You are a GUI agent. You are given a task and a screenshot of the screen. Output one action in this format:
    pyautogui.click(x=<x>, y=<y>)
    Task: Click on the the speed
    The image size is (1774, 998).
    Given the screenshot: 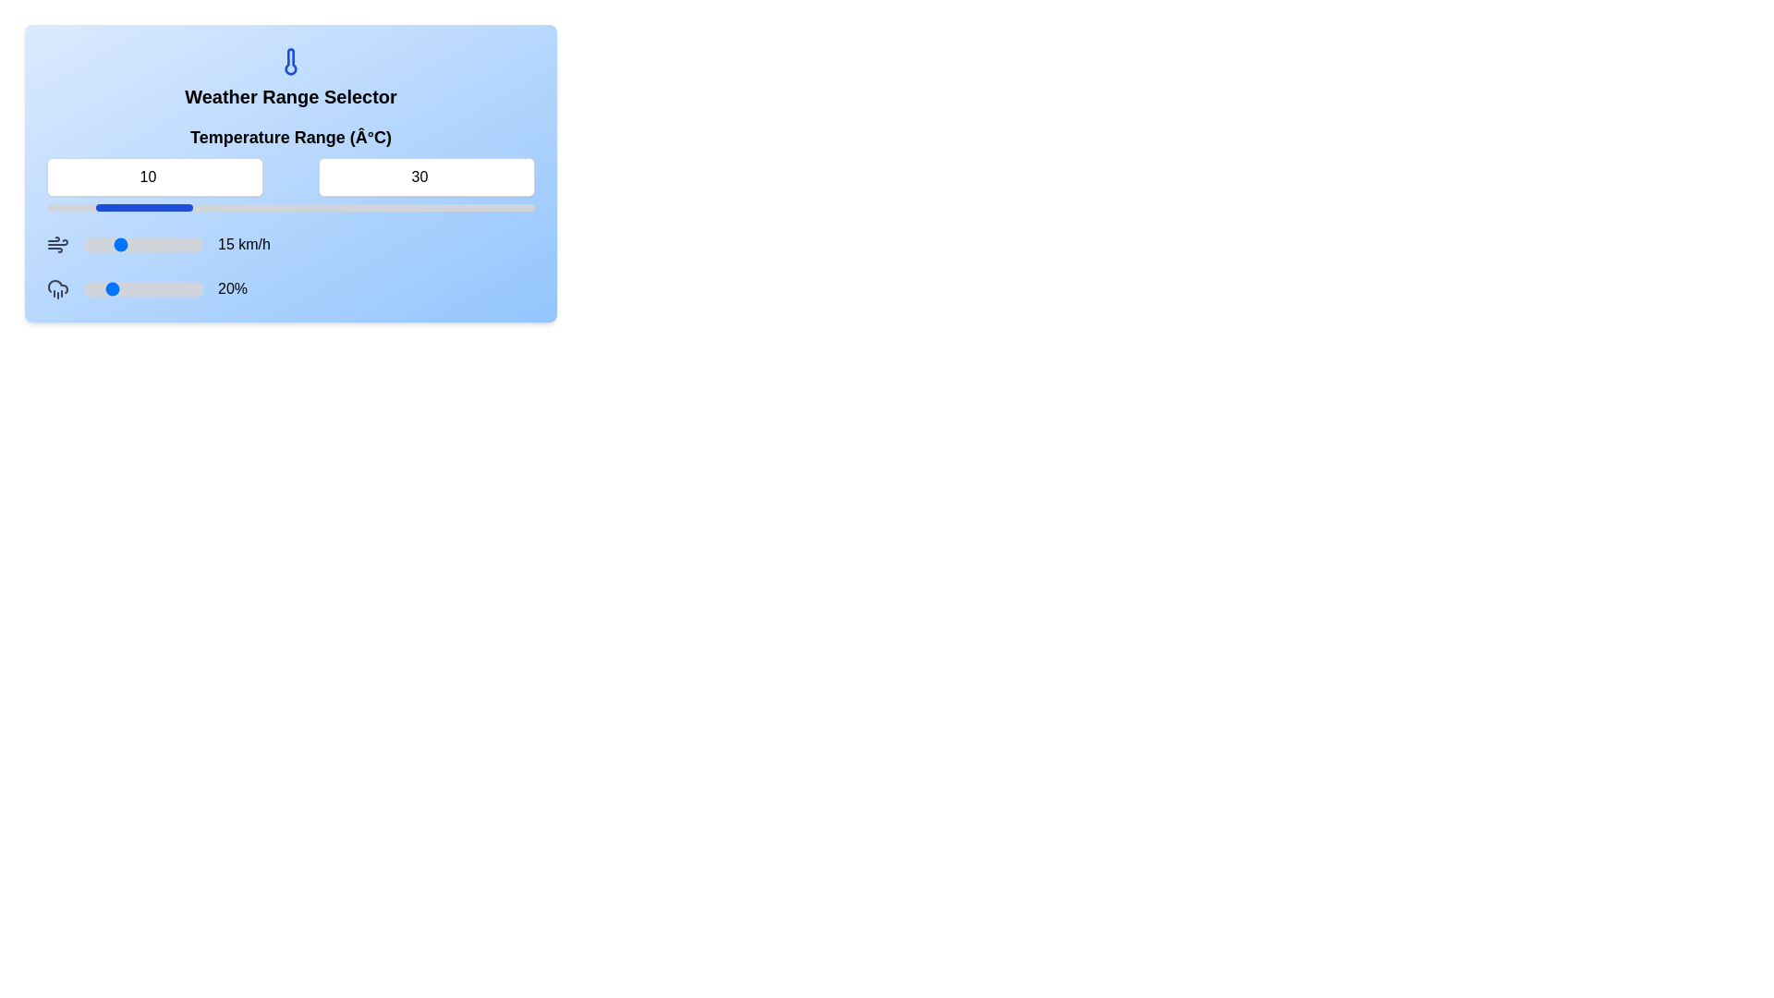 What is the action you would take?
    pyautogui.click(x=83, y=244)
    